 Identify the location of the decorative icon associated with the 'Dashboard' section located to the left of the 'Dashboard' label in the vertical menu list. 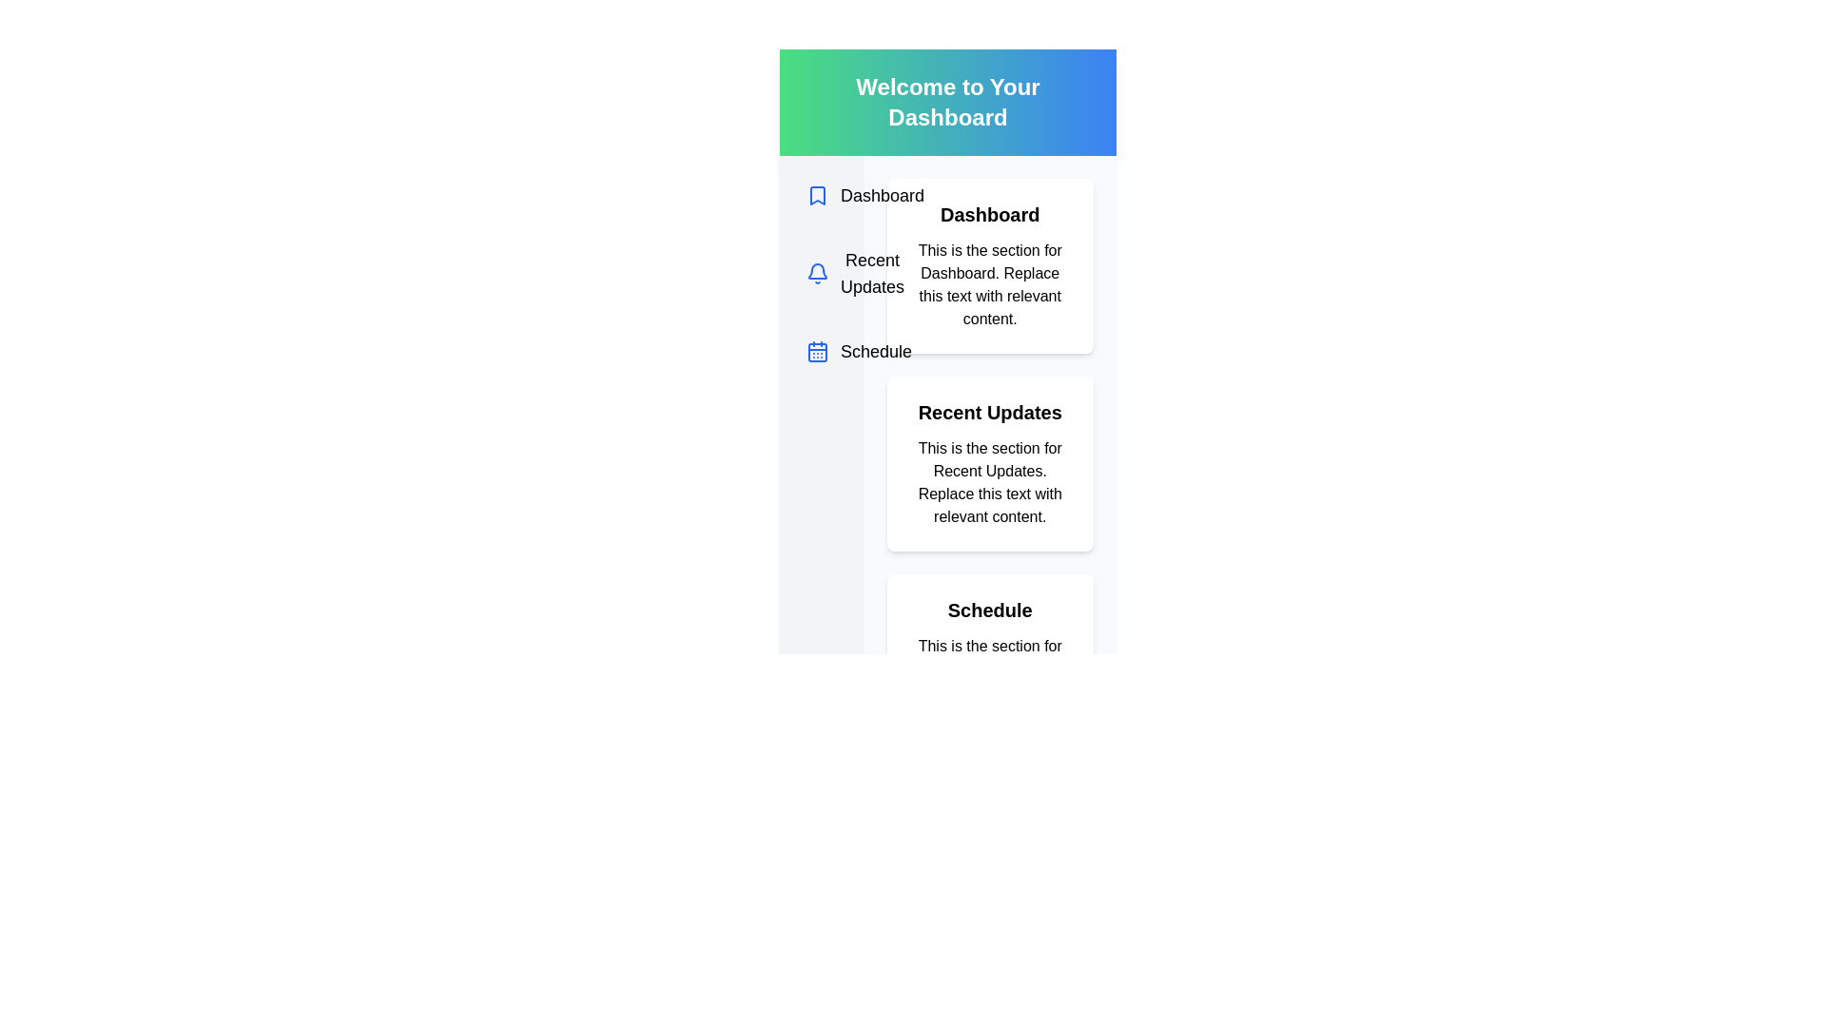
(817, 195).